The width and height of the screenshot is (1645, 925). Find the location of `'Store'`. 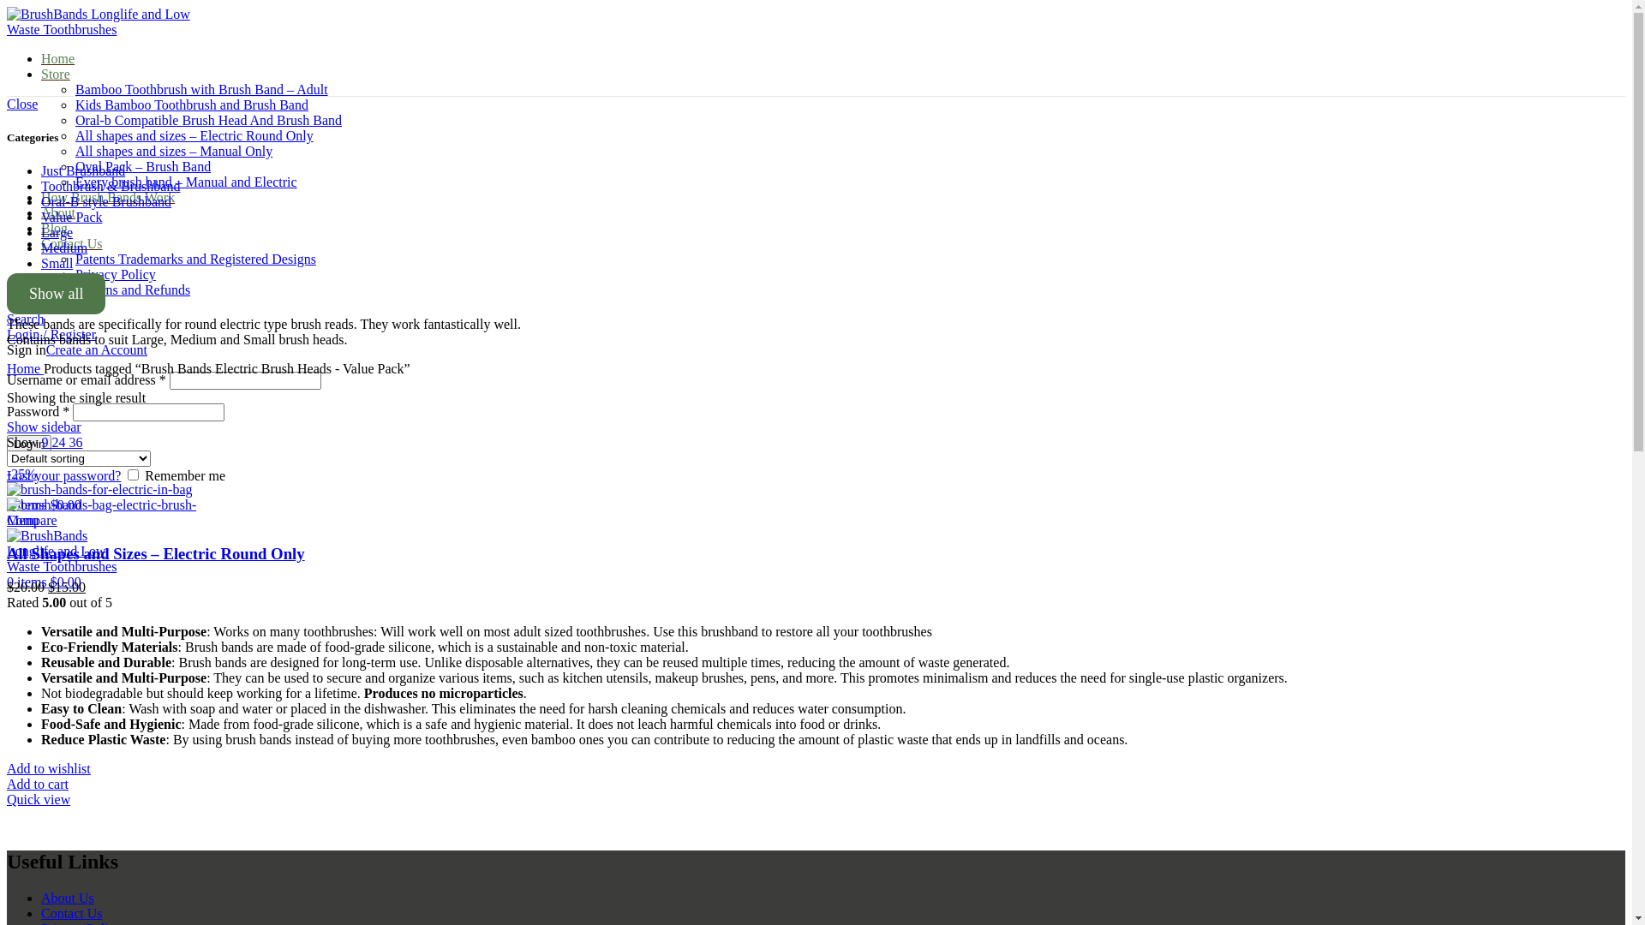

'Store' is located at coordinates (41, 73).